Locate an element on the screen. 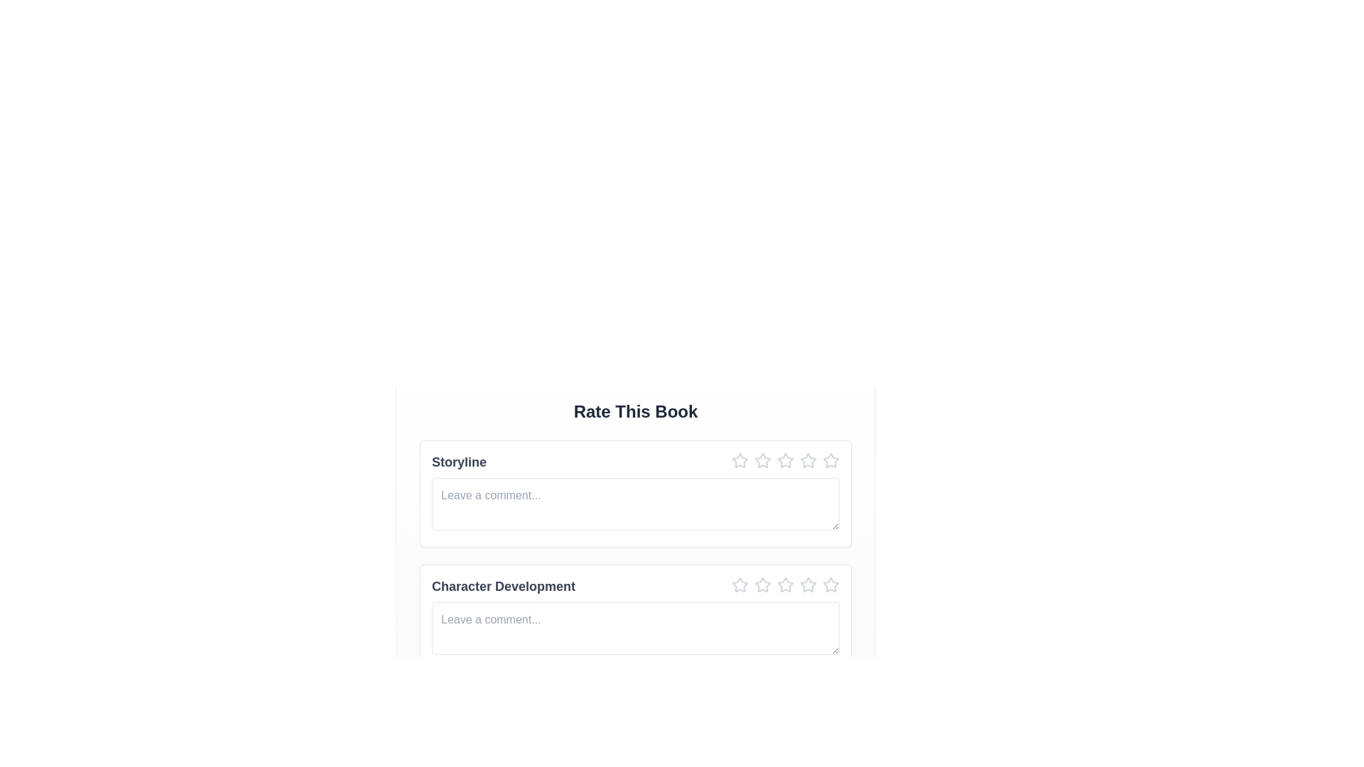 This screenshot has height=767, width=1364. the fifth star in the star rating system in the 'Storyline' section is located at coordinates (831, 460).